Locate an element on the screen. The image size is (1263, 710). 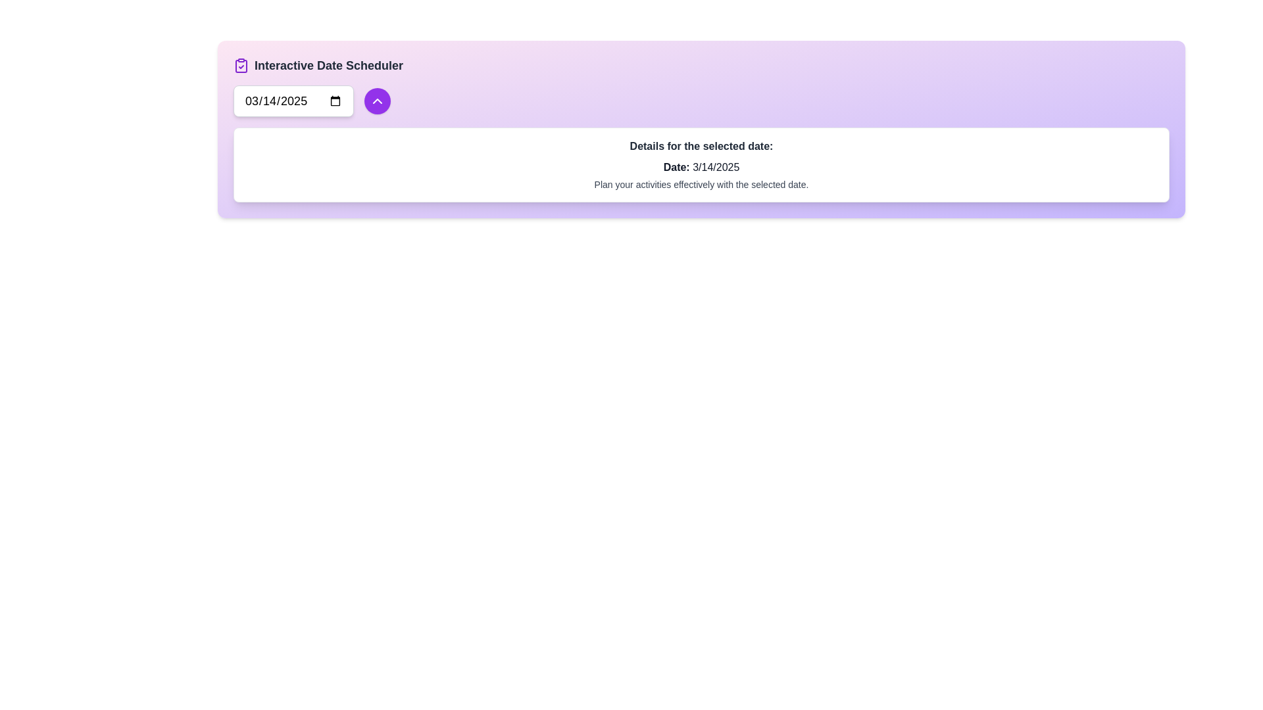
the text label displaying 'Date: 3/14/2025', which is located below the heading 'Details for the selected date:' and above the phrase 'Plan your activities effectively with the selected date.' is located at coordinates (701, 166).